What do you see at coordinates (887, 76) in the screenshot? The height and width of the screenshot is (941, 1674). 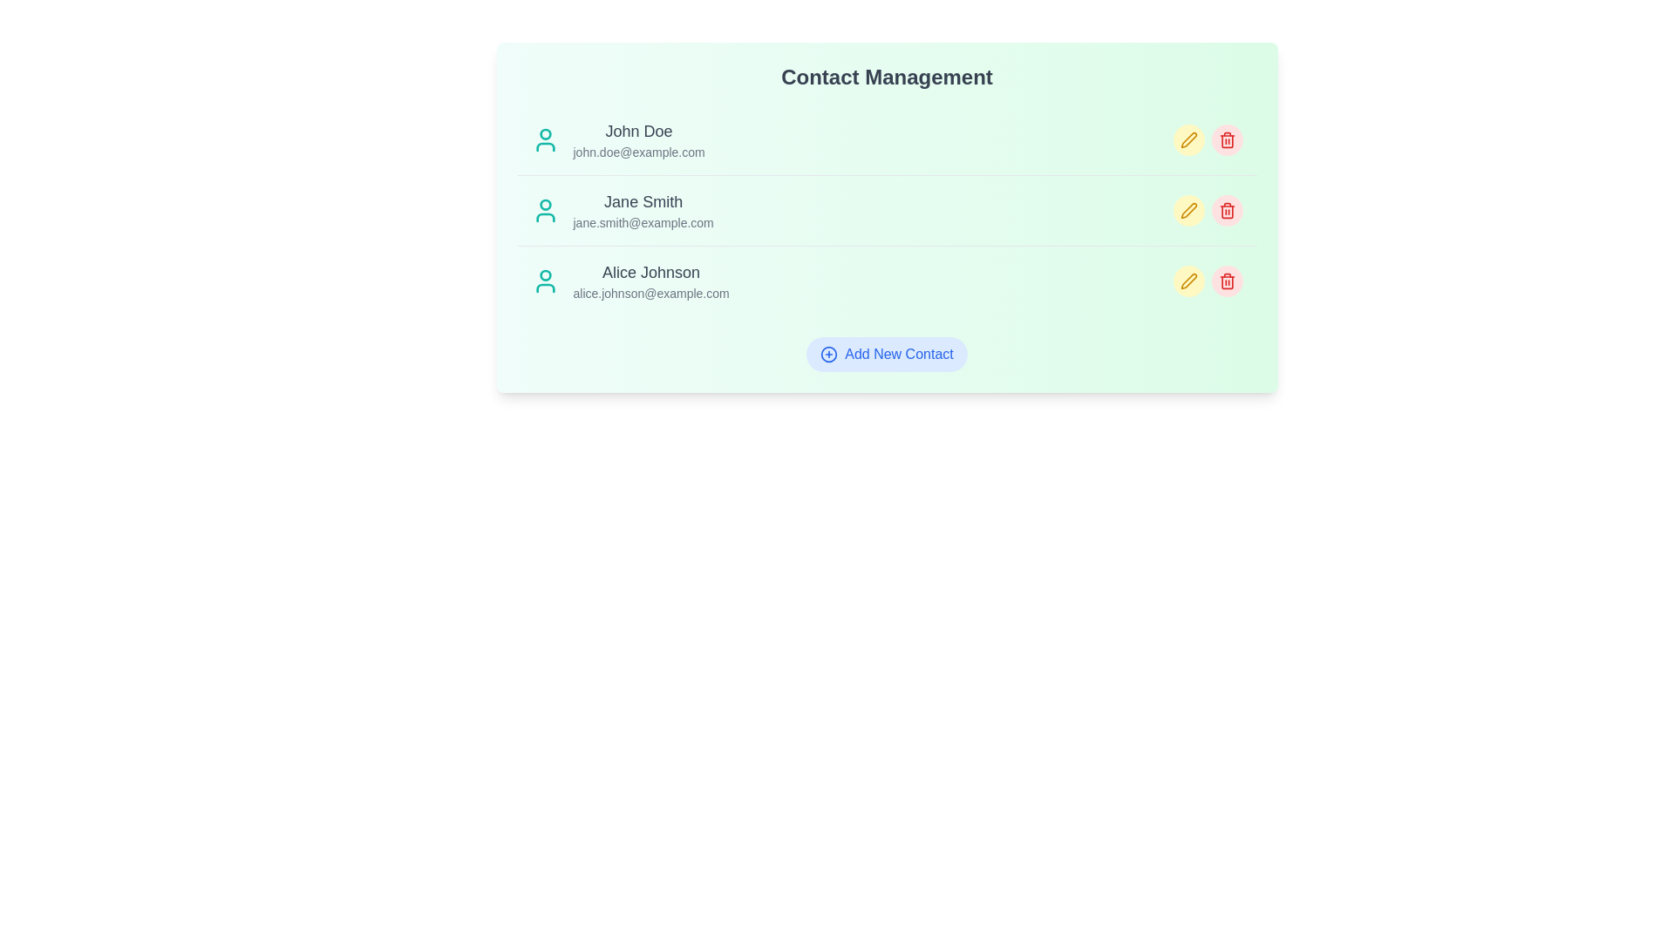 I see `the 'Contact Management' heading to focus on the title` at bounding box center [887, 76].